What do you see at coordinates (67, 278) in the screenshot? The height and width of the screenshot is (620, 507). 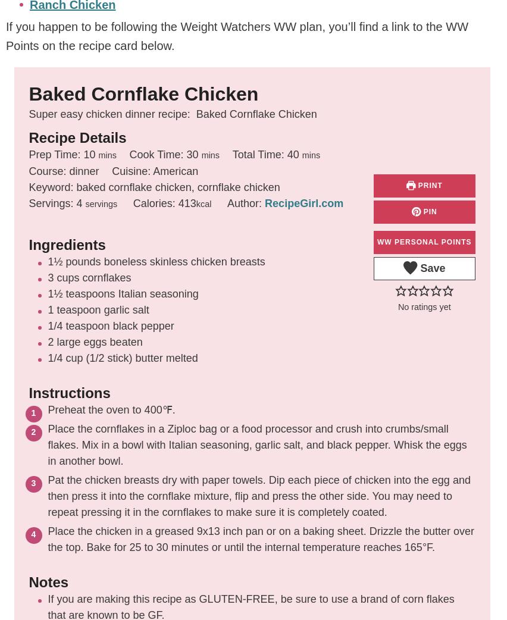 I see `'cups'` at bounding box center [67, 278].